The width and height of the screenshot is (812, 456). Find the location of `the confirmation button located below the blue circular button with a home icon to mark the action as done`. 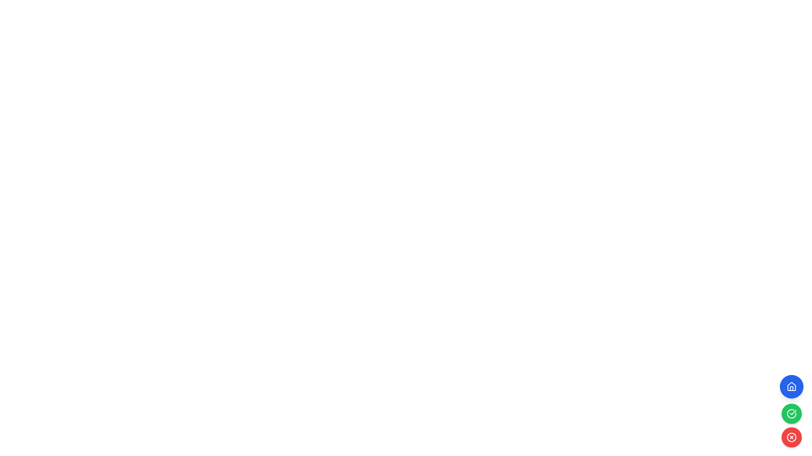

the confirmation button located below the blue circular button with a home icon to mark the action as done is located at coordinates (791, 413).